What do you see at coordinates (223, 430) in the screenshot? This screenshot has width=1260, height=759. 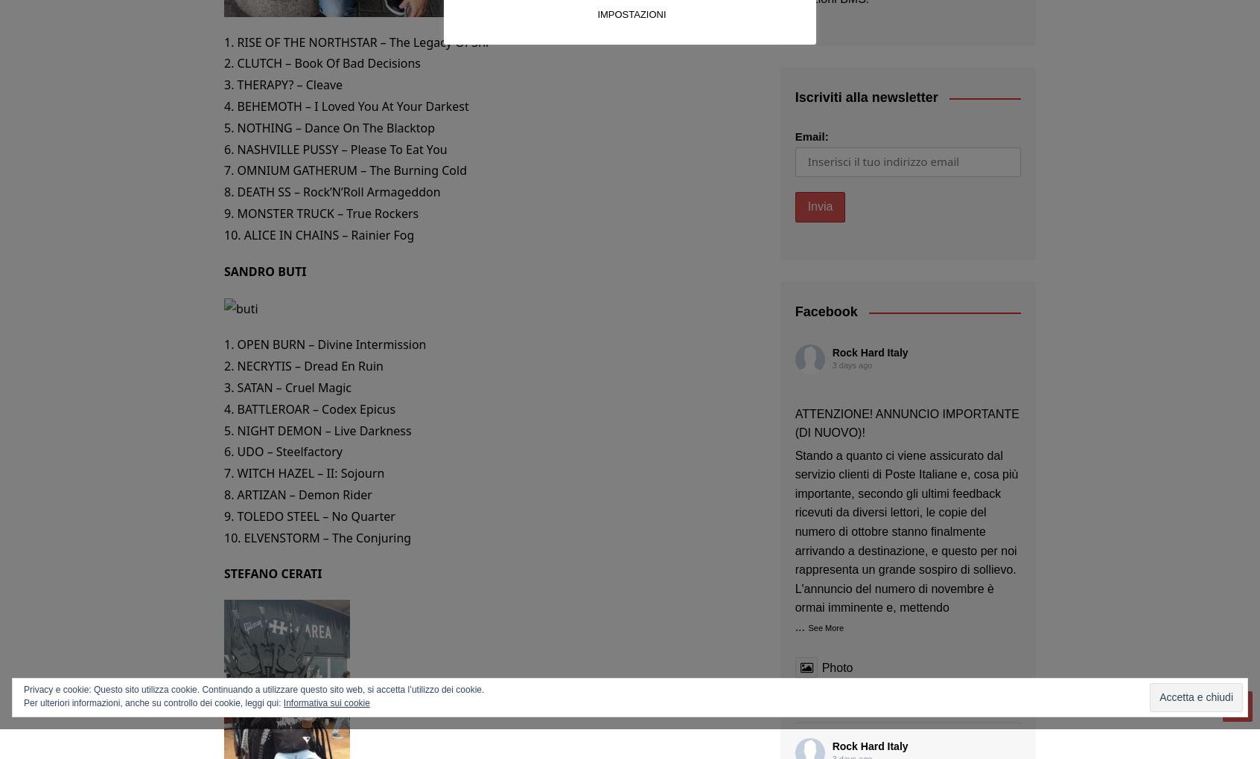 I see `'5. NIGHT DEMON – Live Darkness'` at bounding box center [223, 430].